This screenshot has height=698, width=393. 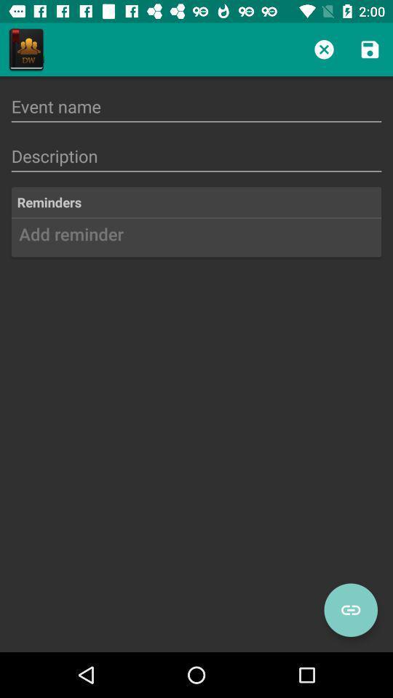 What do you see at coordinates (350, 610) in the screenshot?
I see `share event` at bounding box center [350, 610].